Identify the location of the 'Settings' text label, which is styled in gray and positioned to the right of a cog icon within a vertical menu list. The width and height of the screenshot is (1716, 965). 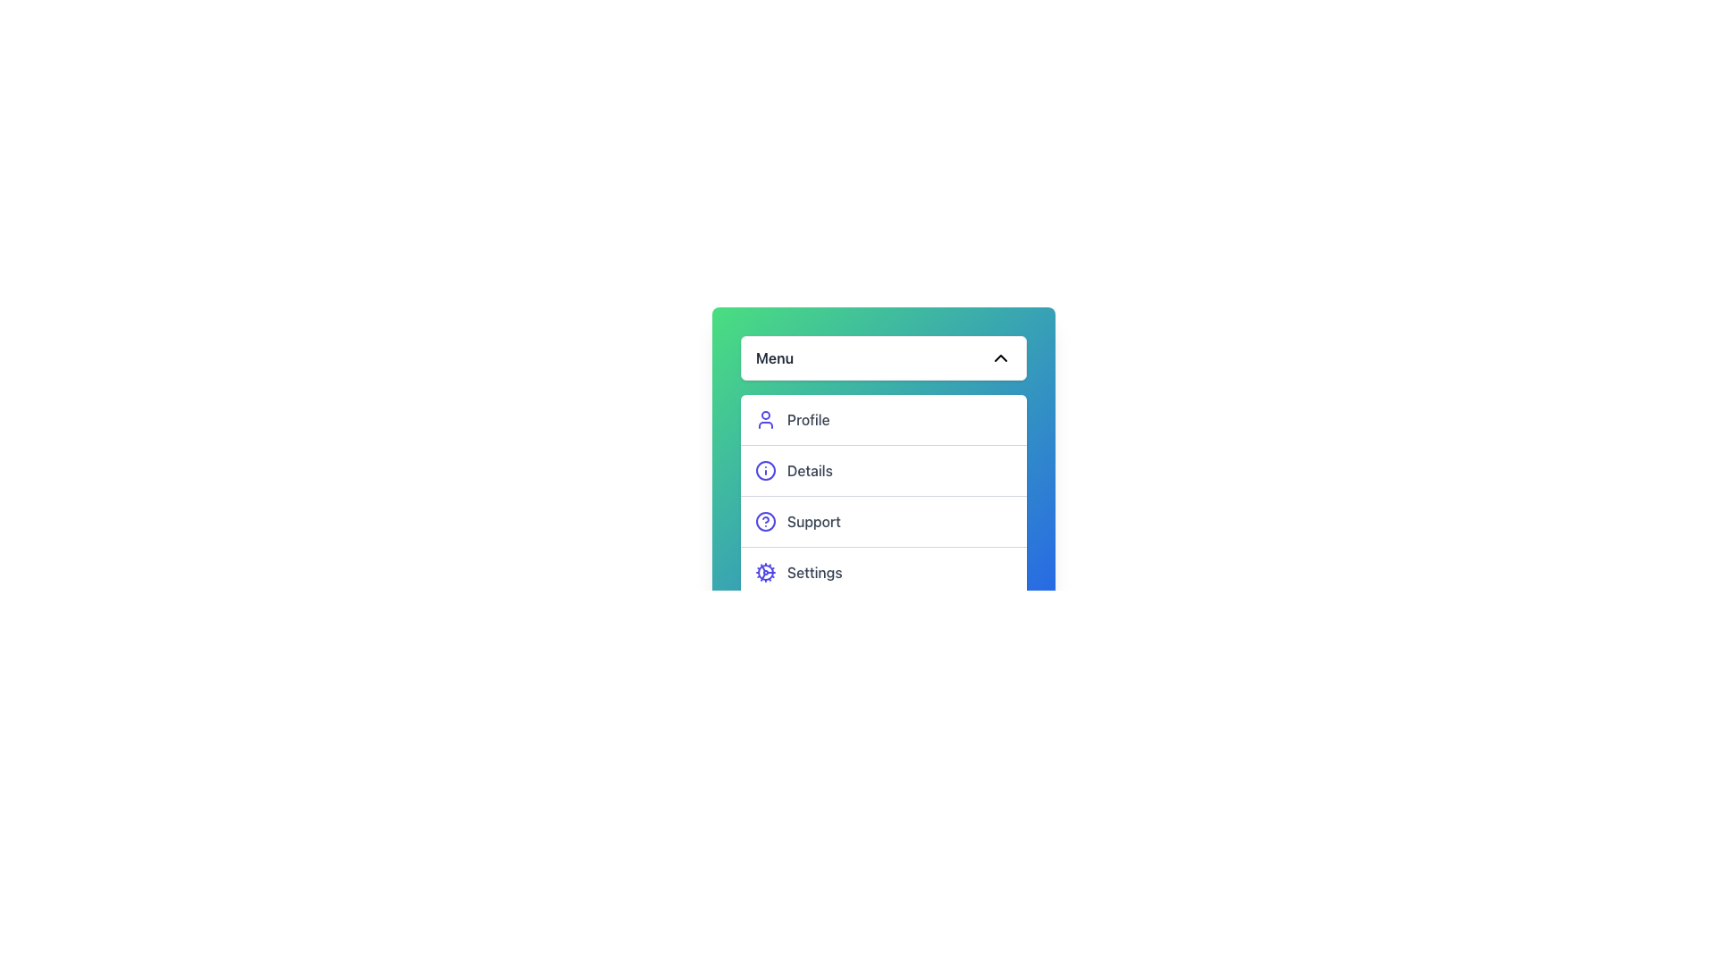
(813, 572).